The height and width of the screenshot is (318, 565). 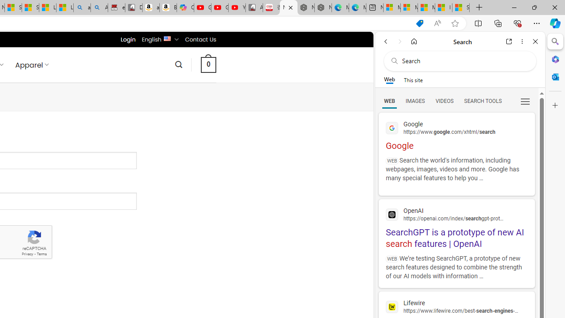 What do you see at coordinates (555, 59) in the screenshot?
I see `'Microsoft 365'` at bounding box center [555, 59].